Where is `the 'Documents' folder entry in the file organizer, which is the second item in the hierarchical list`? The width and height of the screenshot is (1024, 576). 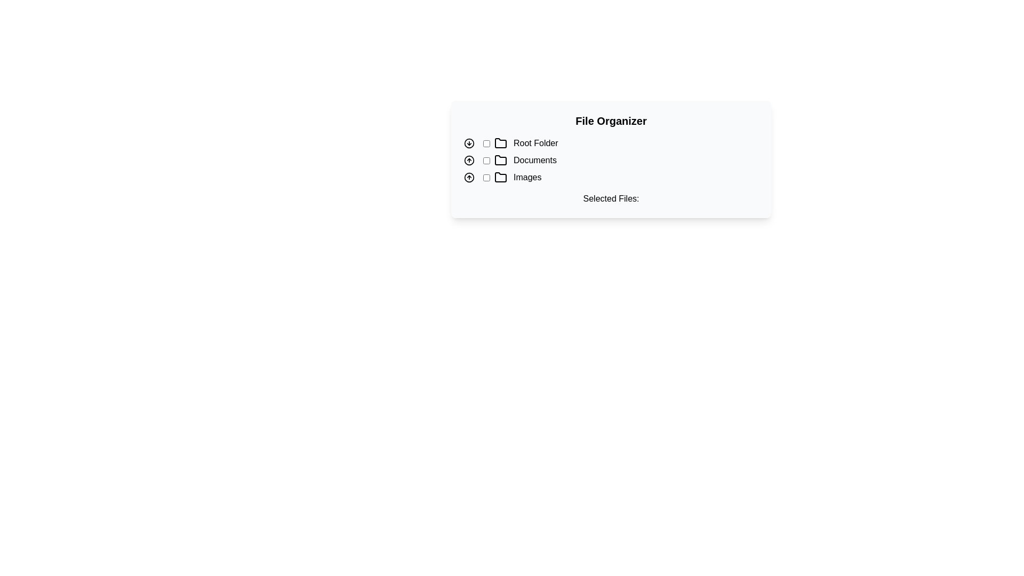 the 'Documents' folder entry in the file organizer, which is the second item in the hierarchical list is located at coordinates (611, 160).